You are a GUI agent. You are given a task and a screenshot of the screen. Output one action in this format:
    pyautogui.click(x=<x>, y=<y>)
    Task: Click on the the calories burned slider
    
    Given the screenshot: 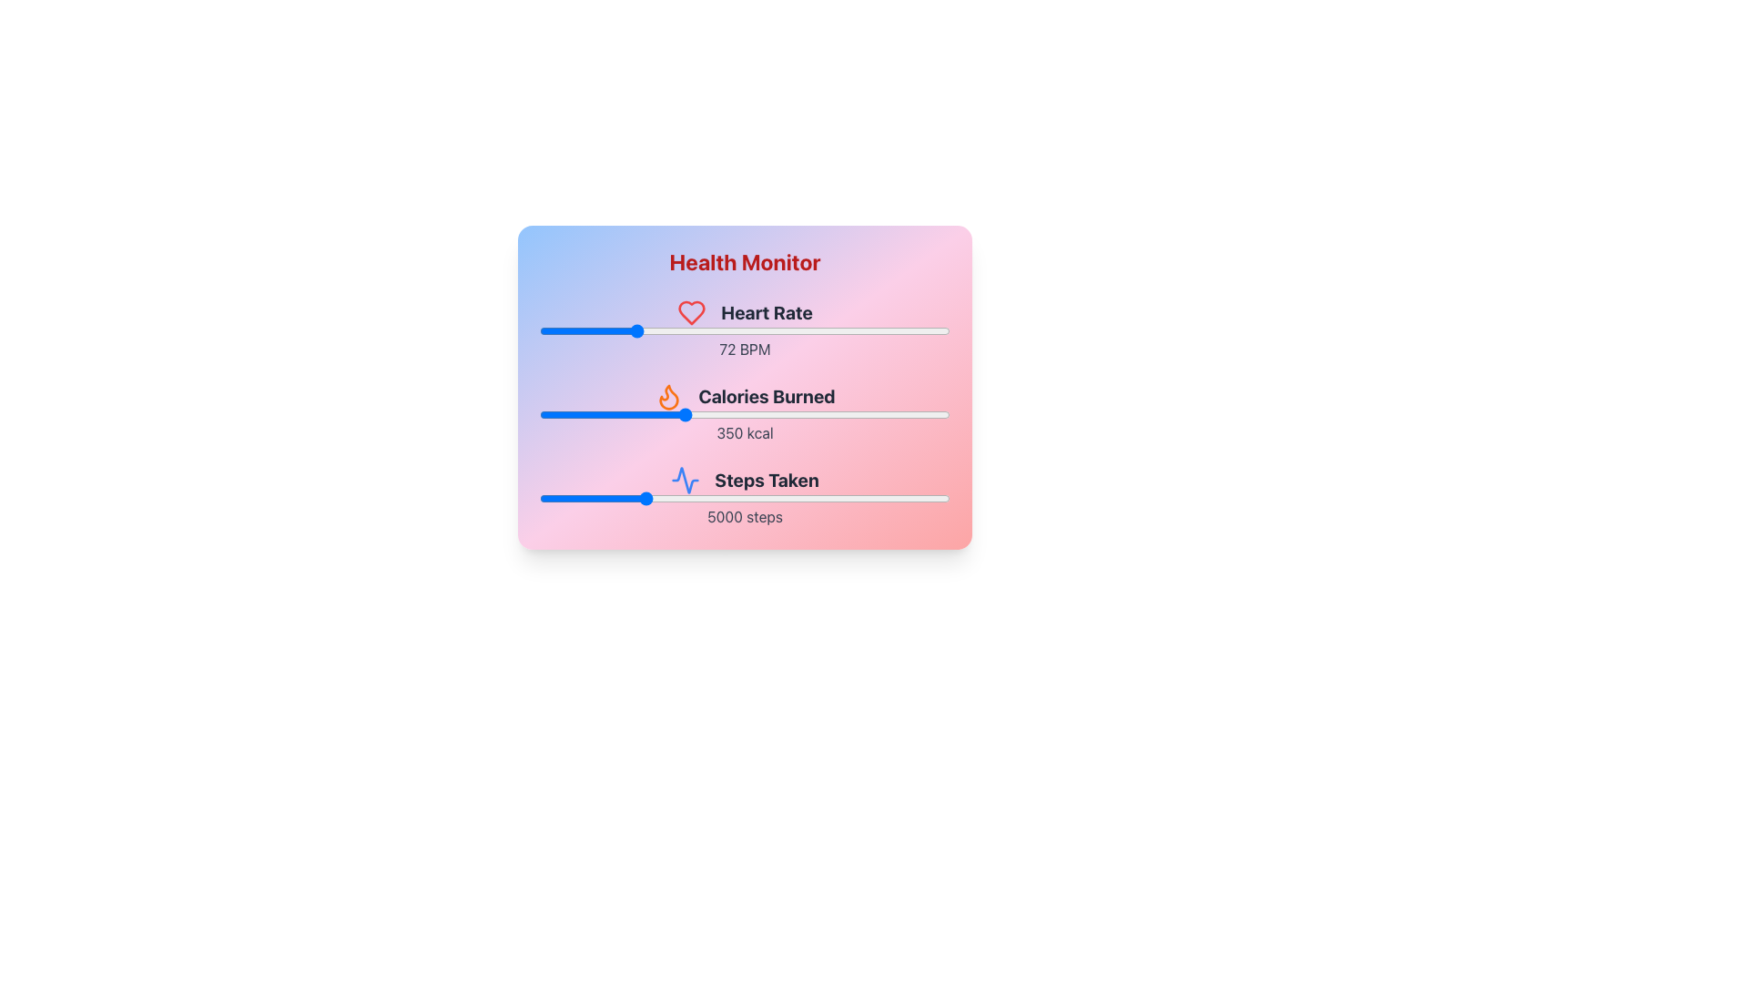 What is the action you would take?
    pyautogui.click(x=946, y=414)
    